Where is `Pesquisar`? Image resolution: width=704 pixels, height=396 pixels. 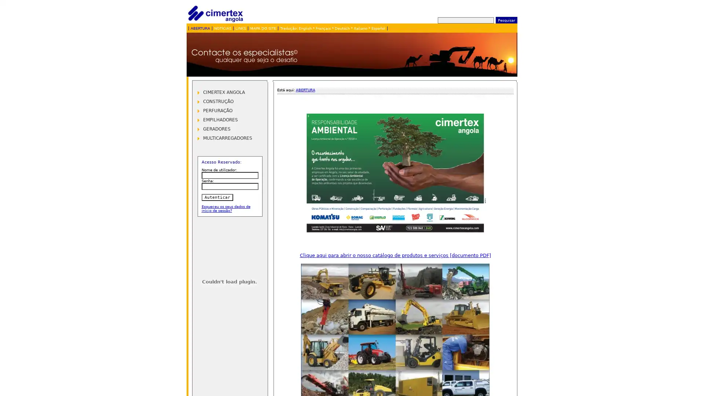
Pesquisar is located at coordinates (506, 19).